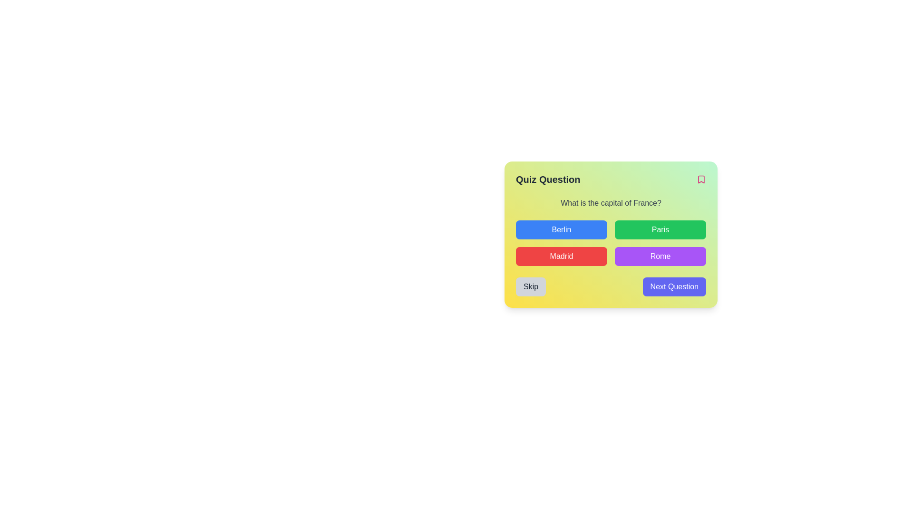 This screenshot has height=513, width=913. Describe the element at coordinates (611, 243) in the screenshot. I see `the 'Madrid' button within the multiple-choice answer grid below the question 'What is the capital of France?'` at that location.